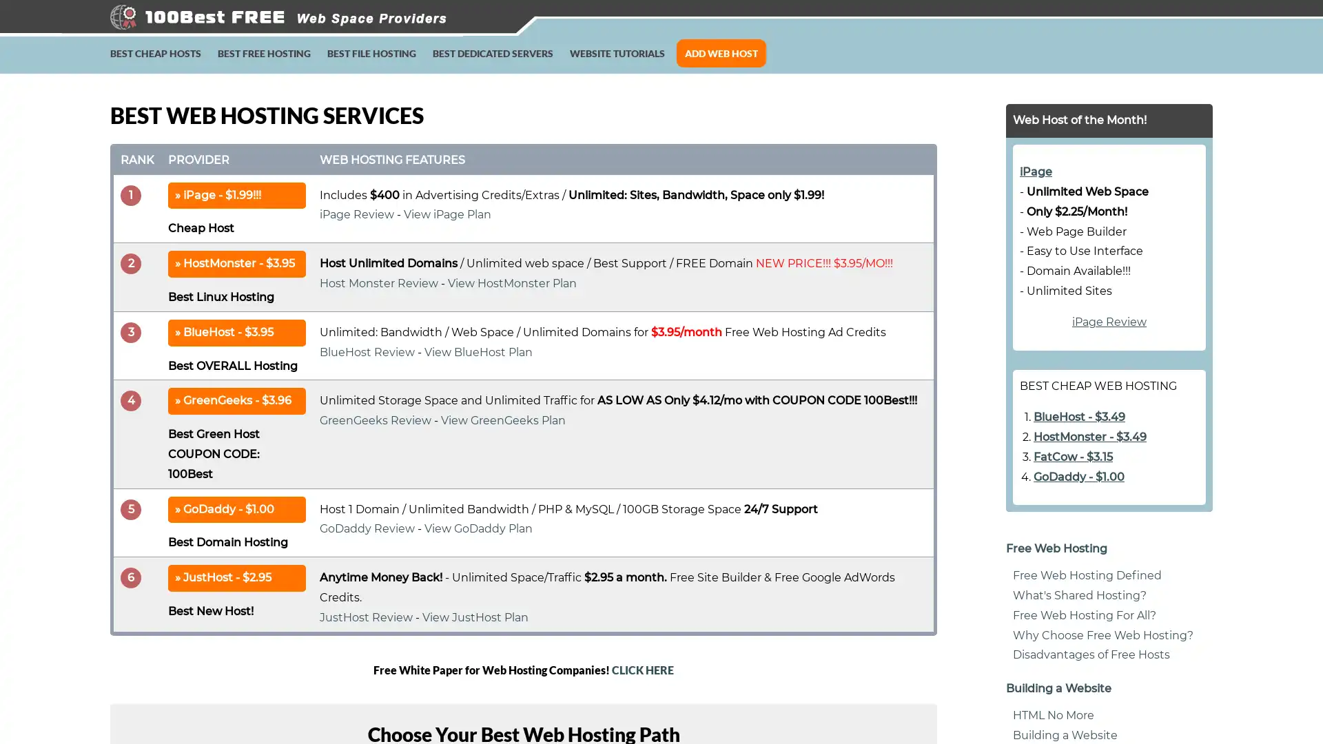 The width and height of the screenshot is (1323, 744). What do you see at coordinates (618, 52) in the screenshot?
I see `WEBSITE TUTORIALS` at bounding box center [618, 52].